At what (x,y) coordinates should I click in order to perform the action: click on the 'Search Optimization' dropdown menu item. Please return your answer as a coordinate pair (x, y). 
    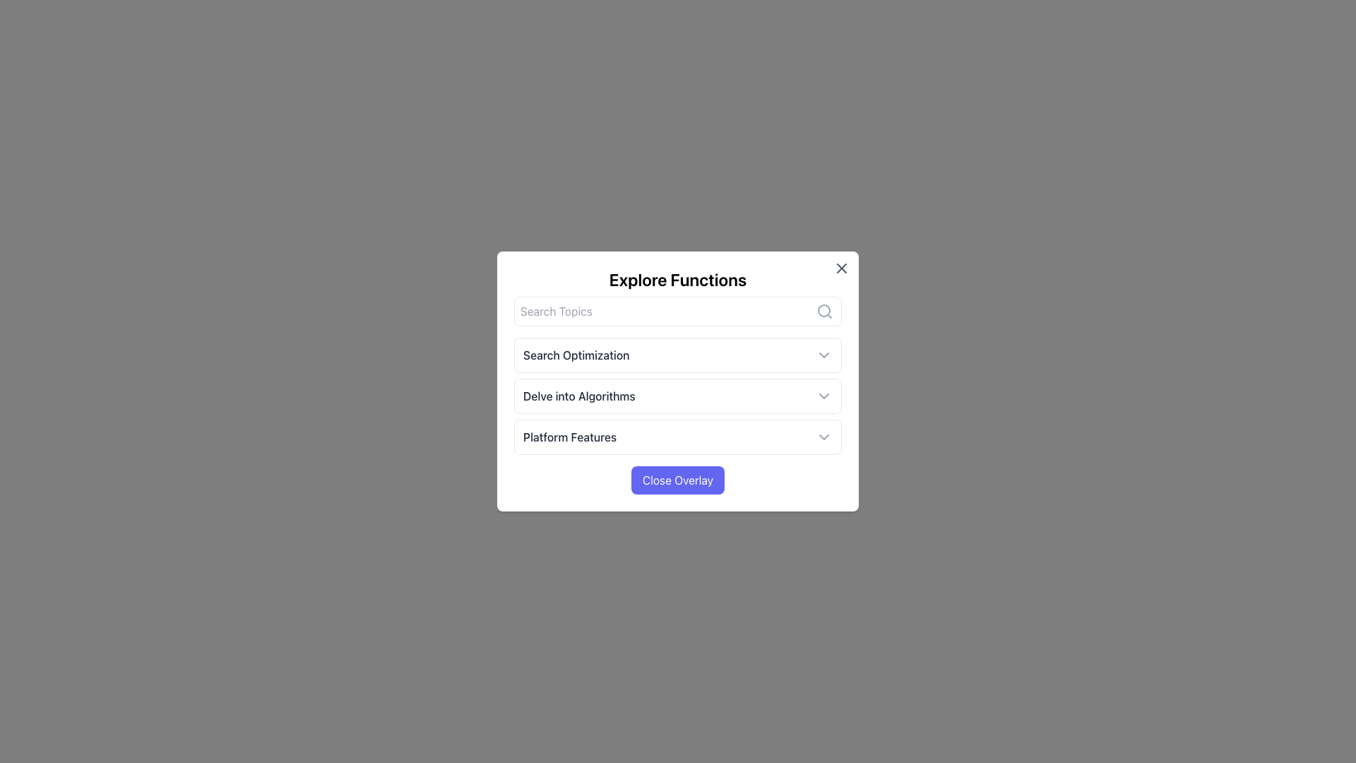
    Looking at the image, I should click on (678, 354).